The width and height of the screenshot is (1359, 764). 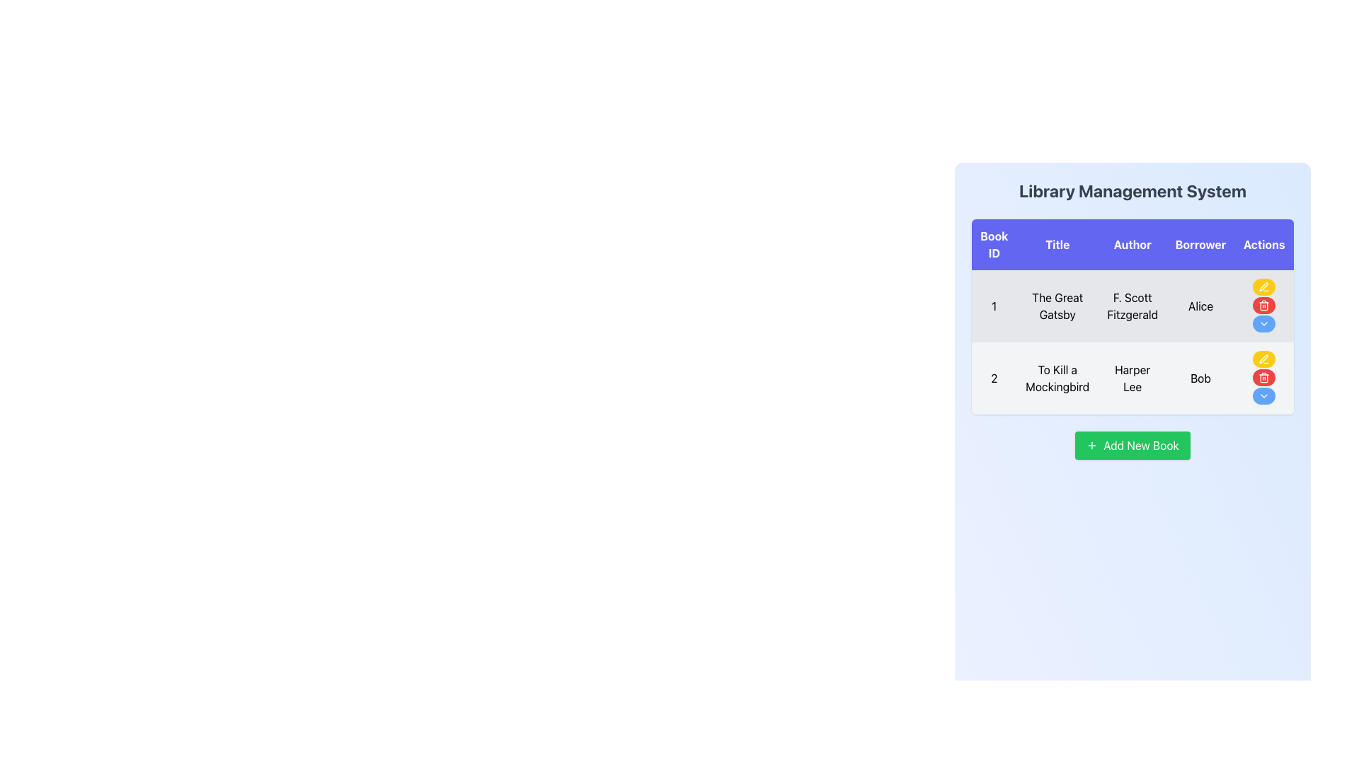 I want to click on the 'Author' text label, which is the third column heading in a five-column table header, displayed in white text on a blue background, so click(x=1132, y=244).